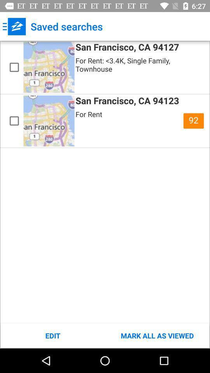 The width and height of the screenshot is (210, 373). What do you see at coordinates (193, 121) in the screenshot?
I see `item at the top right corner` at bounding box center [193, 121].